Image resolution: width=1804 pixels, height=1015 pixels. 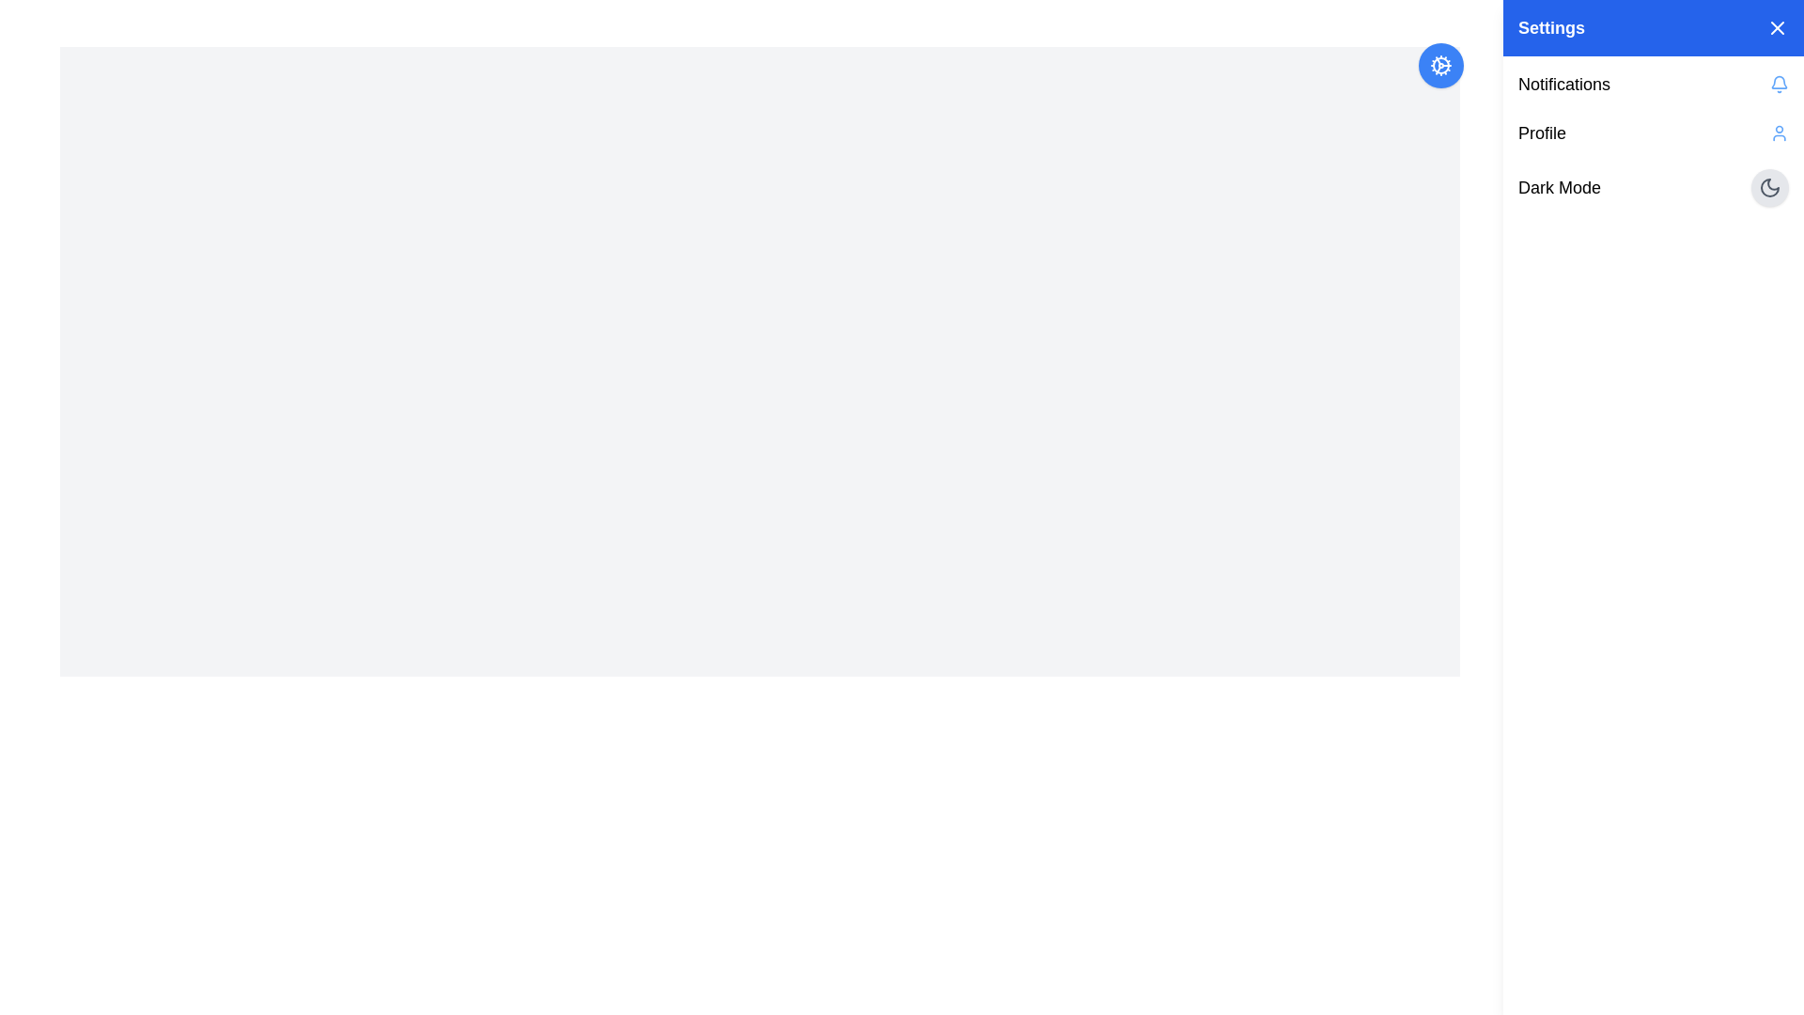 What do you see at coordinates (1768, 188) in the screenshot?
I see `the dark mode toggle button located to the far right of the 'Dark Mode' text label in the settings menu` at bounding box center [1768, 188].